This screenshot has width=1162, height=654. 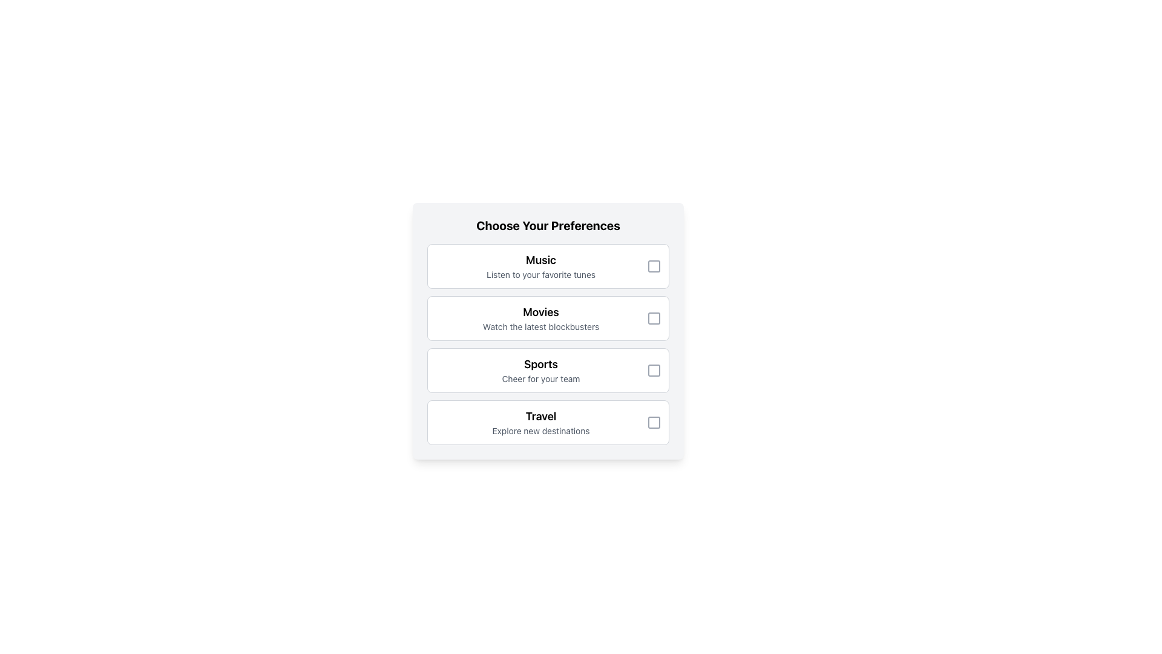 I want to click on the bold, black-colored text reading 'Sports' which is the third item in the list under the heading 'Choose Your Preferences.', so click(x=540, y=363).